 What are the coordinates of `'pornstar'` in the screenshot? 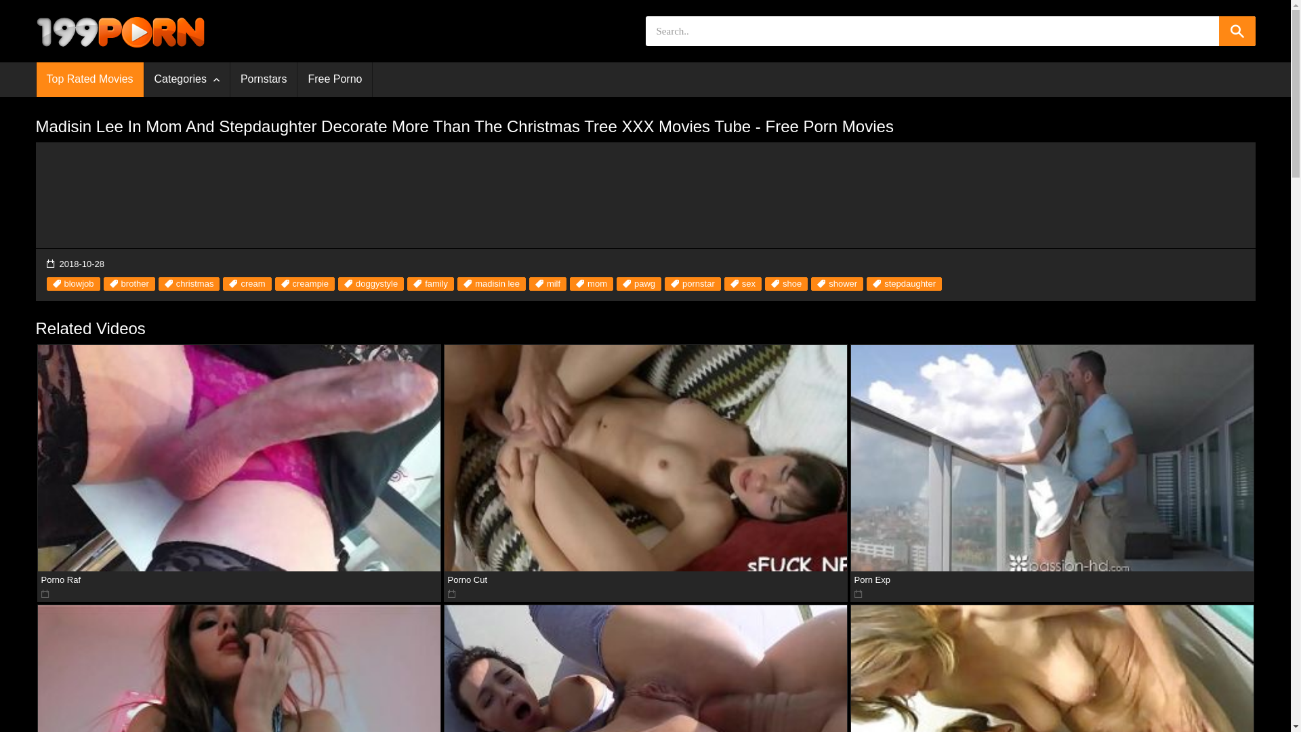 It's located at (664, 283).